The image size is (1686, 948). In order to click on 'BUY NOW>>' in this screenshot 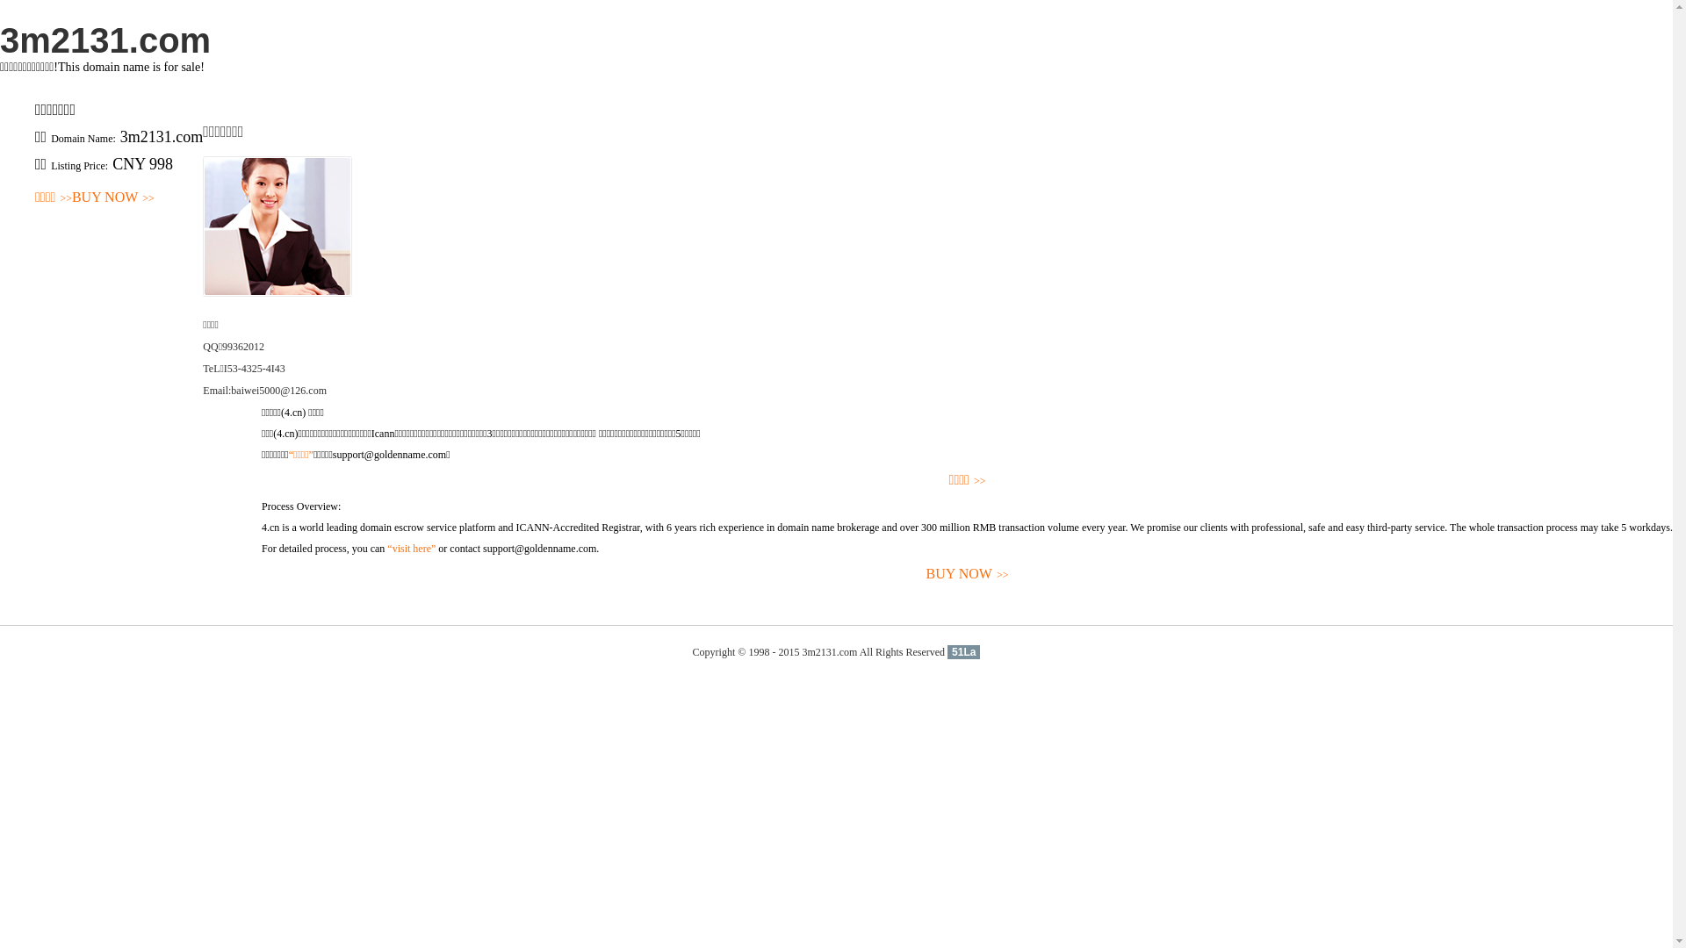, I will do `click(966, 574)`.